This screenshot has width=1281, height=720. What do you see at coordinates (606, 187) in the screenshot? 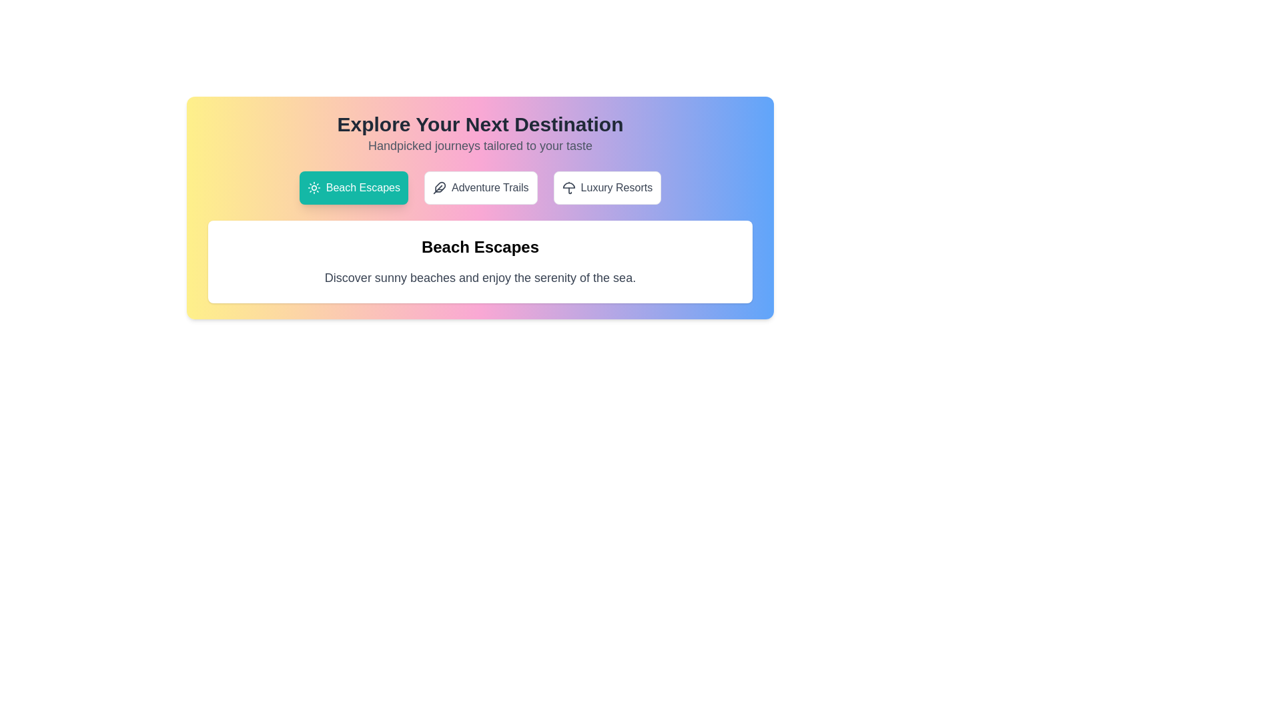
I see `the tab corresponding to Luxury Resorts to view its content` at bounding box center [606, 187].